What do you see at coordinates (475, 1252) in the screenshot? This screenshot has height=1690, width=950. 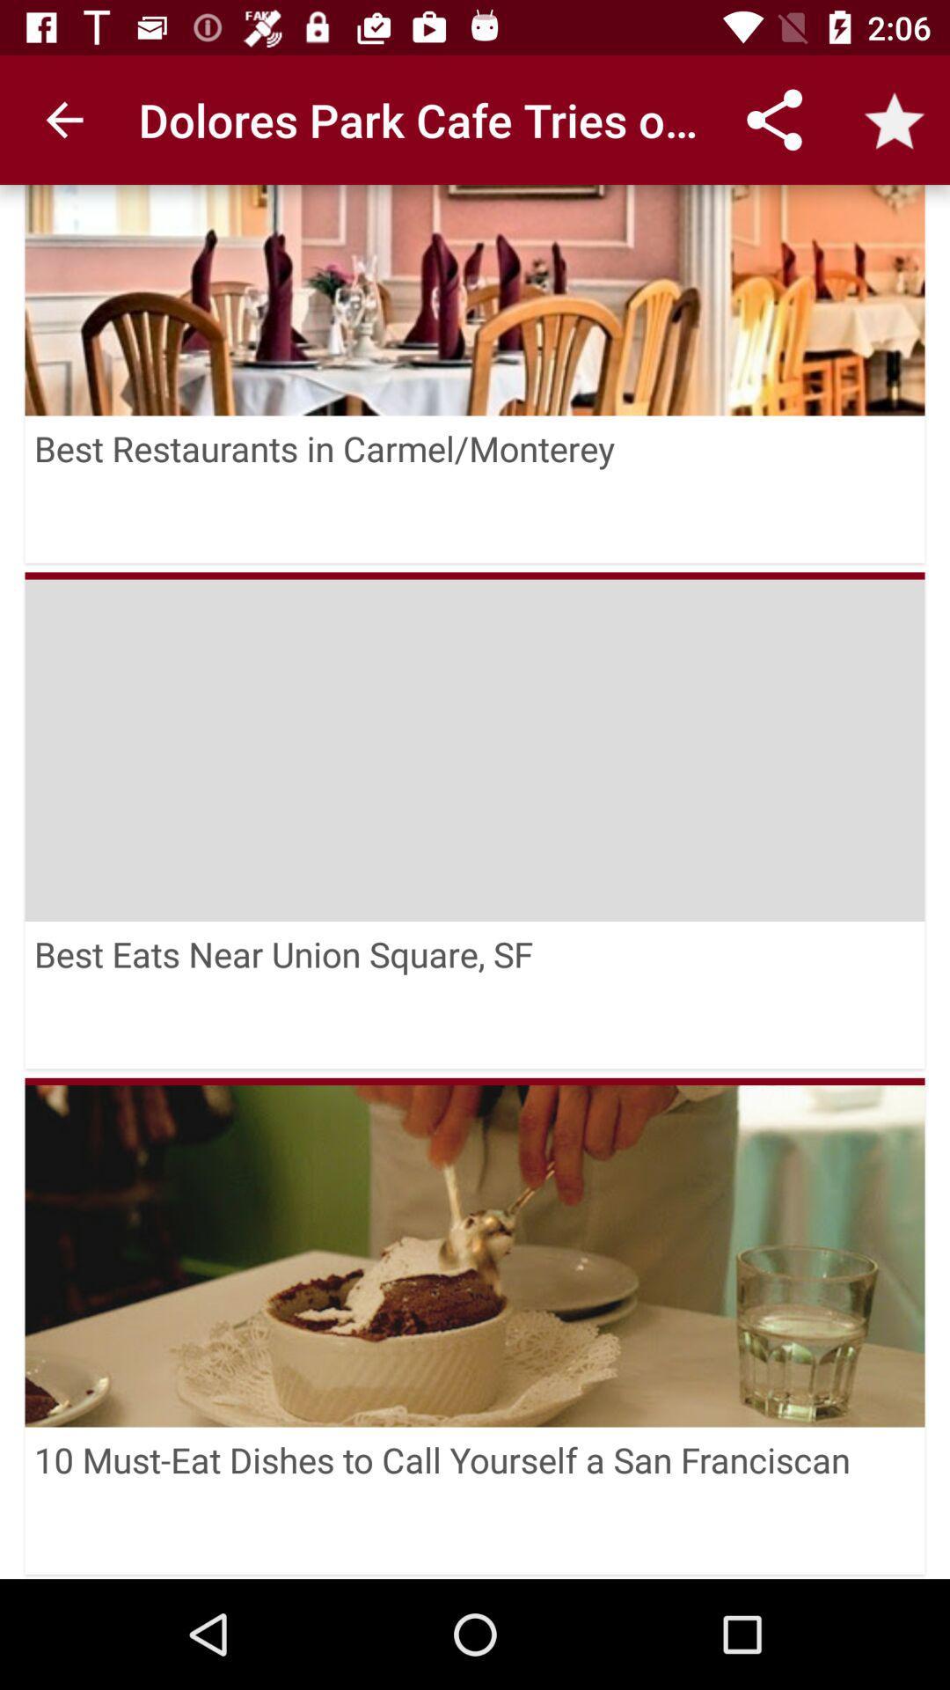 I see `item above the 10 must eat item` at bounding box center [475, 1252].